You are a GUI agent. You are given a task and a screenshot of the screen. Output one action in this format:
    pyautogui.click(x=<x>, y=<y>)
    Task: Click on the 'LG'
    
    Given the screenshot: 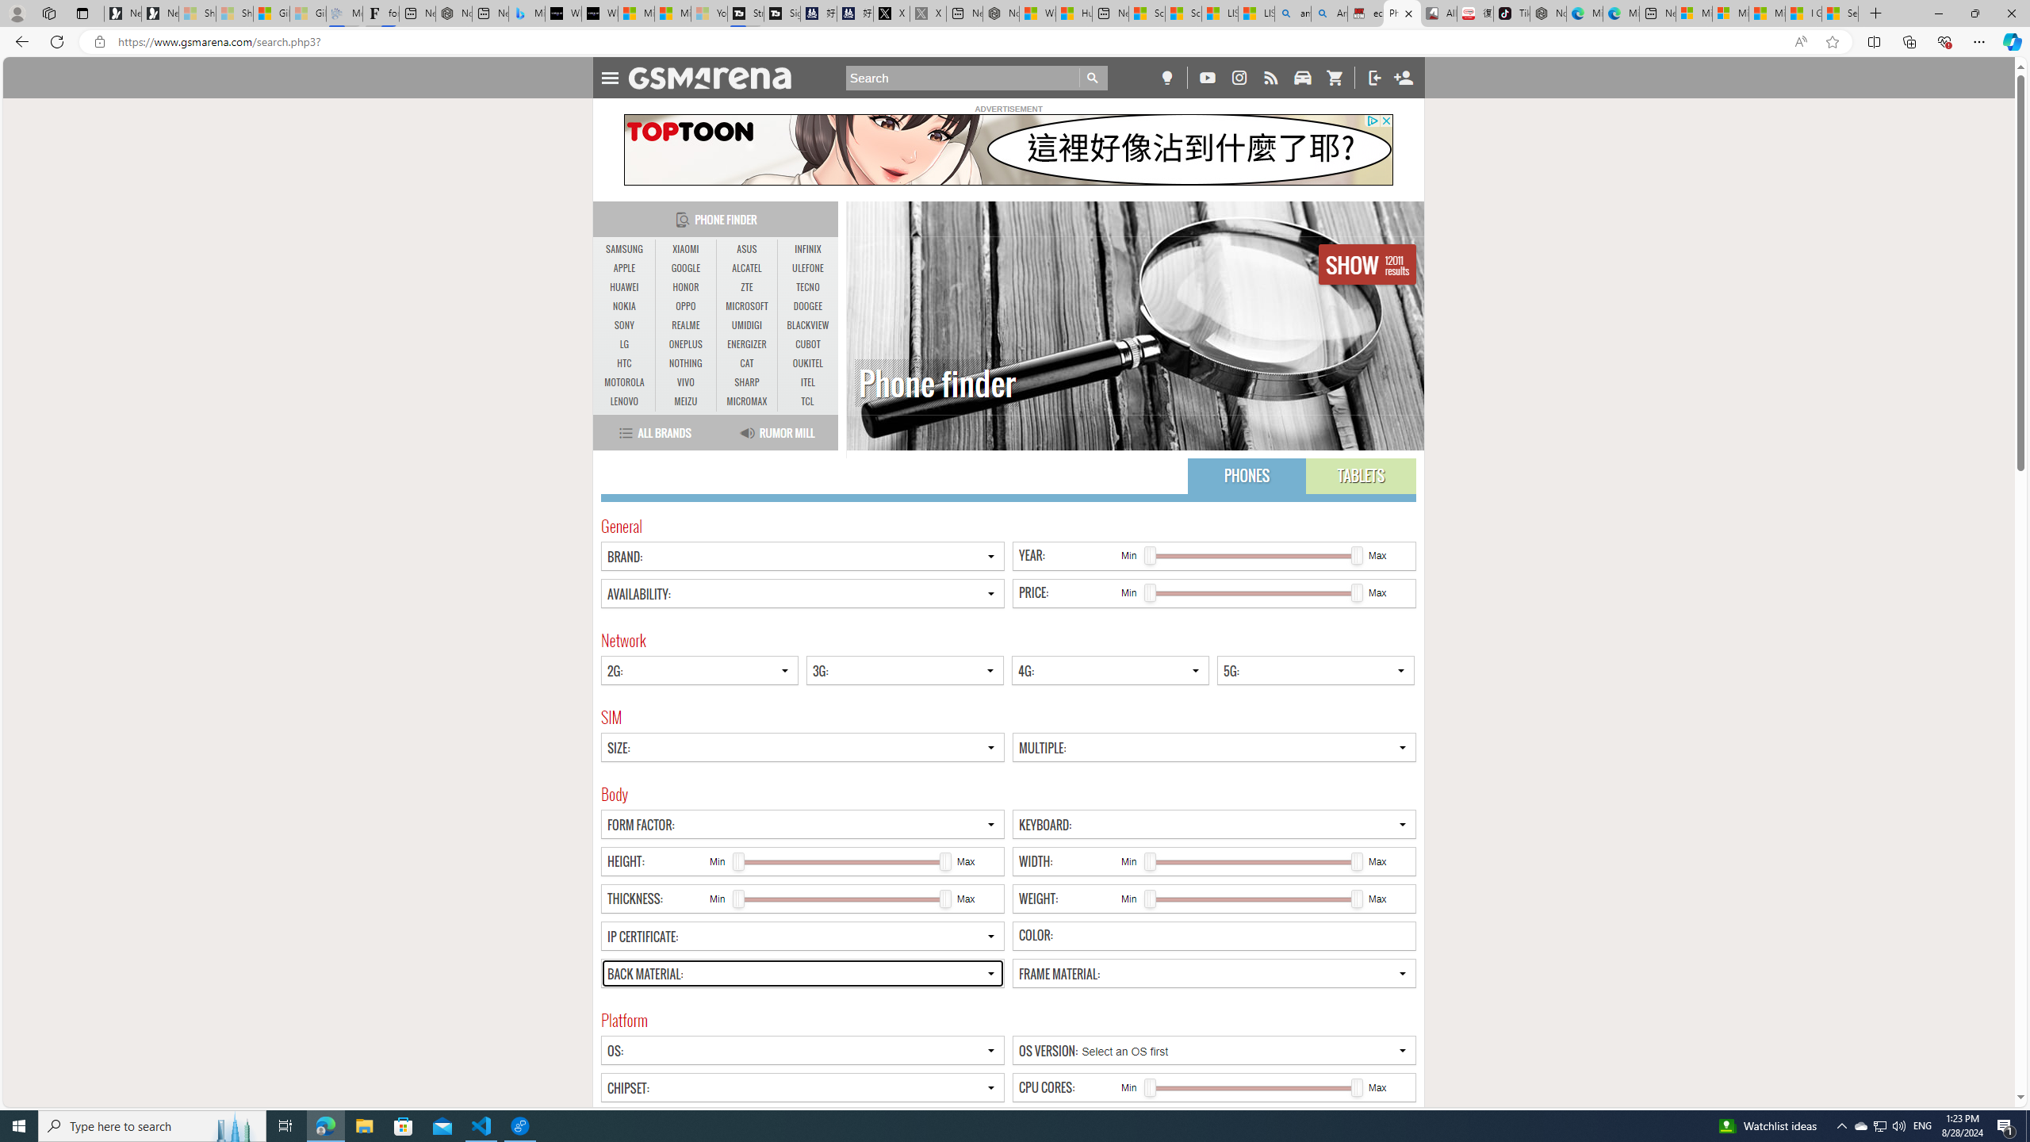 What is the action you would take?
    pyautogui.click(x=624, y=343)
    